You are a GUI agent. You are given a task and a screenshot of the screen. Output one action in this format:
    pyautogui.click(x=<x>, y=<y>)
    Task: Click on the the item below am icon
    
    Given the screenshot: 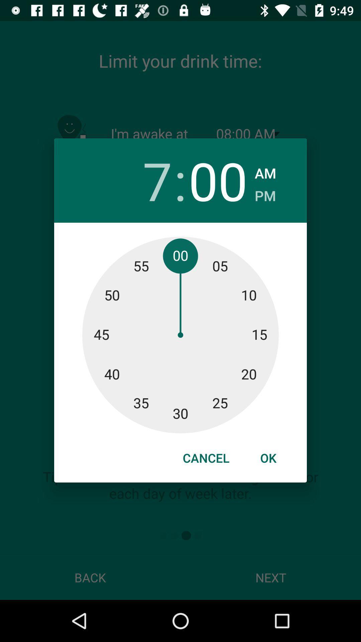 What is the action you would take?
    pyautogui.click(x=265, y=193)
    